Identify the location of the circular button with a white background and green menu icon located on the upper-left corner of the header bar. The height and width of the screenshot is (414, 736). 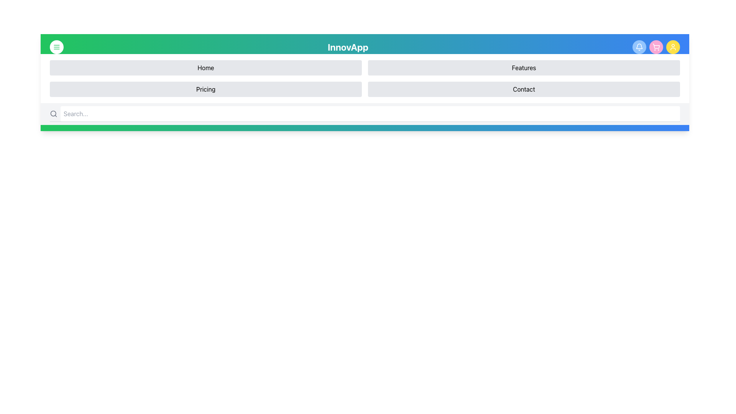
(56, 47).